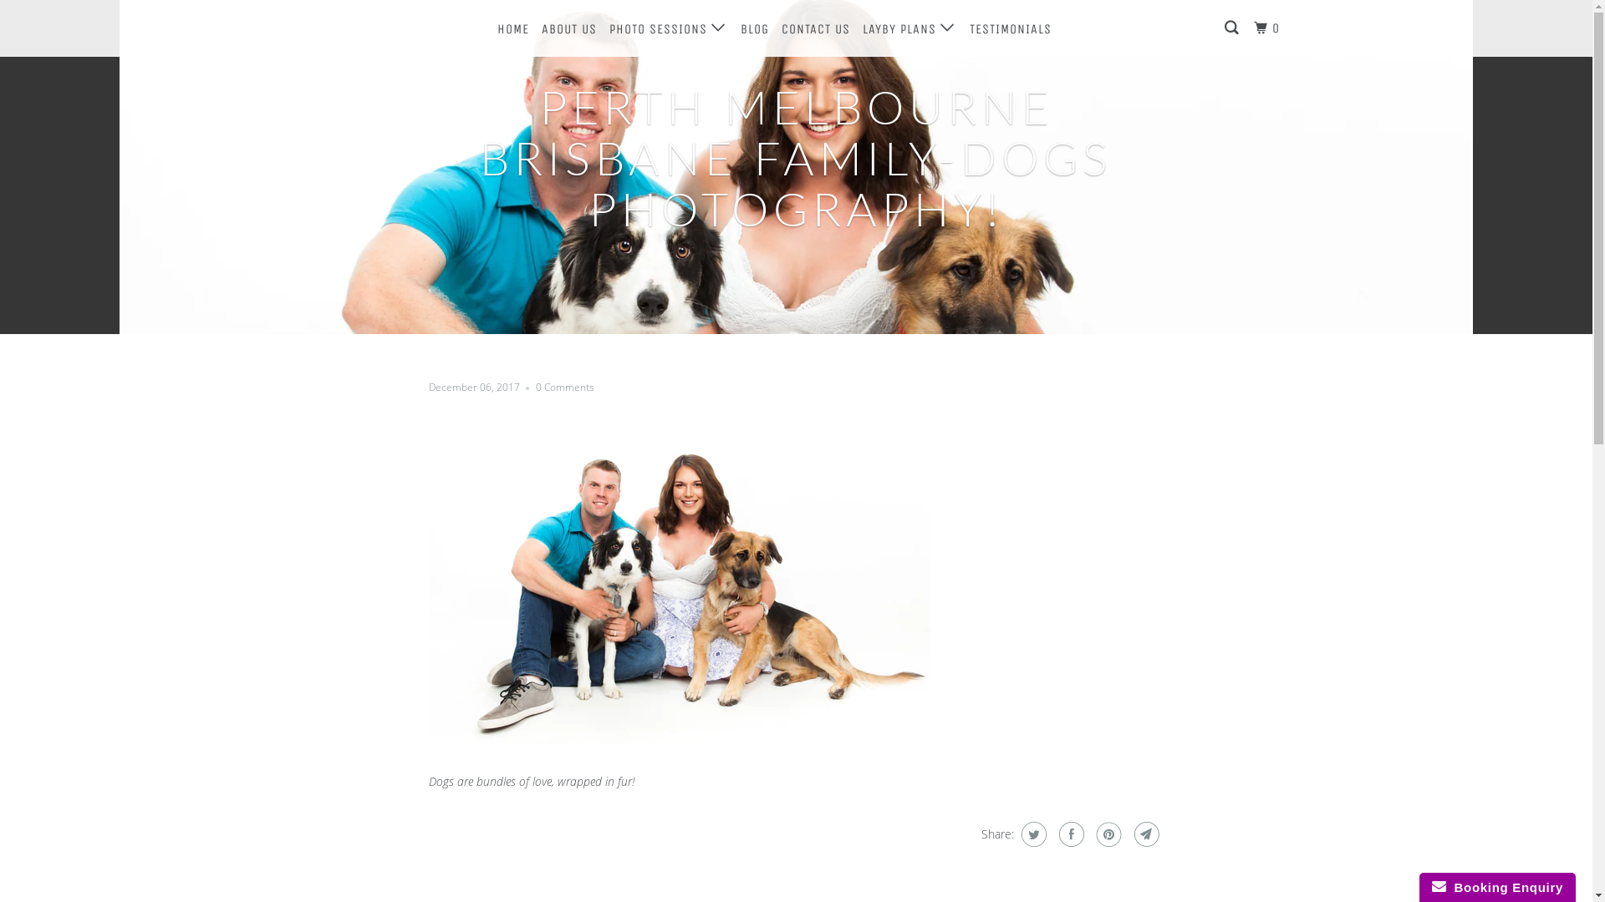 The width and height of the screenshot is (1605, 902). I want to click on 'Search', so click(1232, 28).